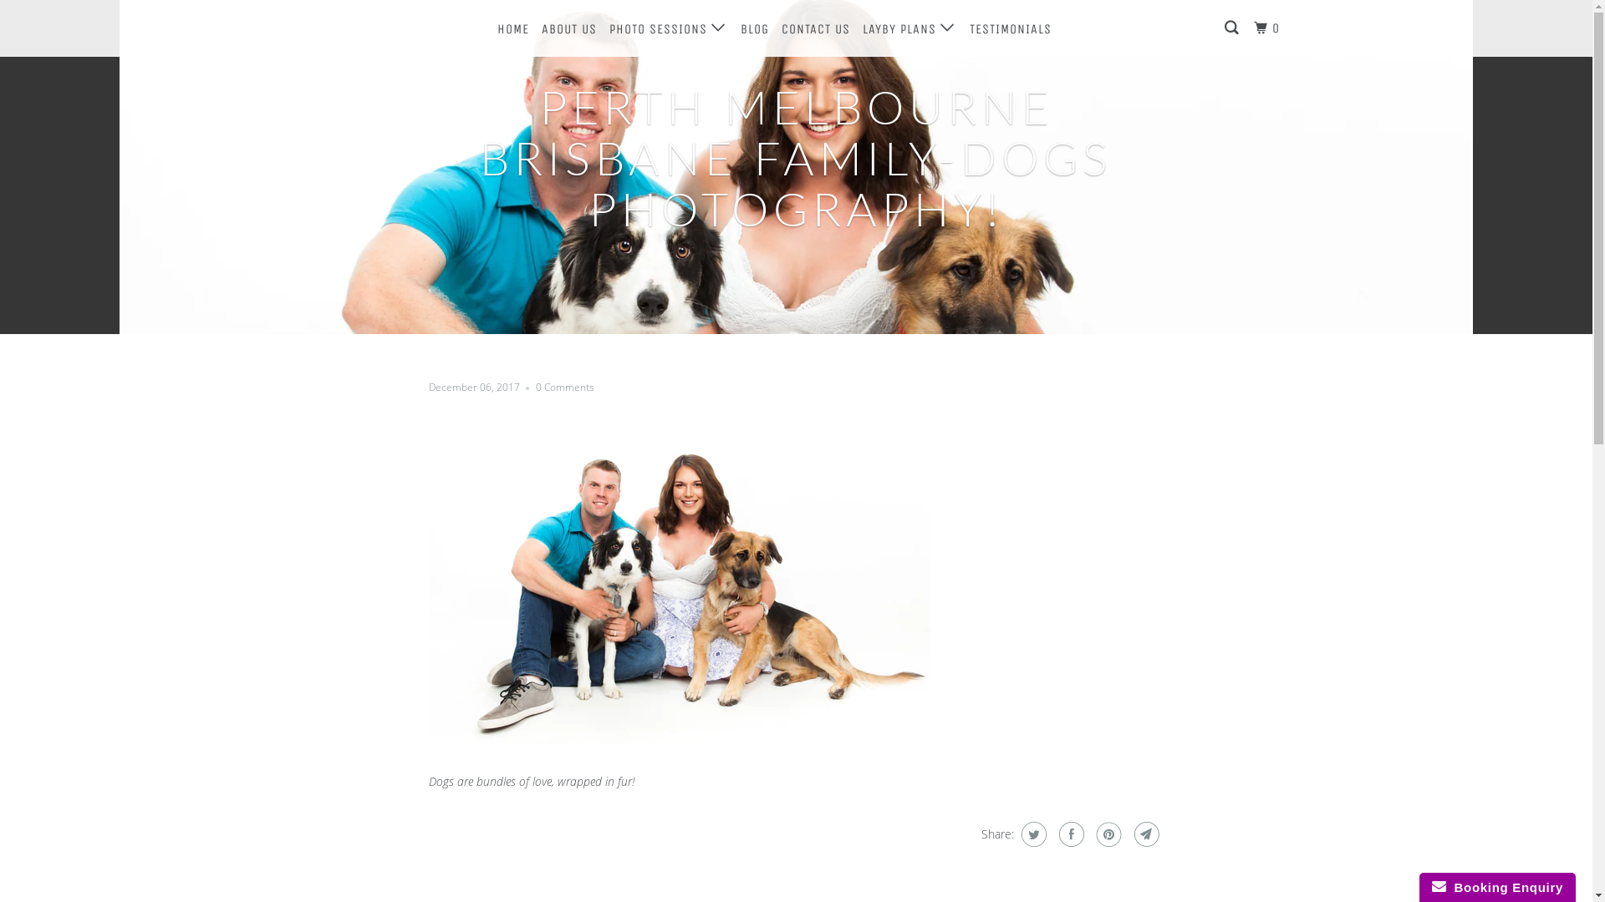 The width and height of the screenshot is (1605, 902). I want to click on 'Search', so click(1232, 28).